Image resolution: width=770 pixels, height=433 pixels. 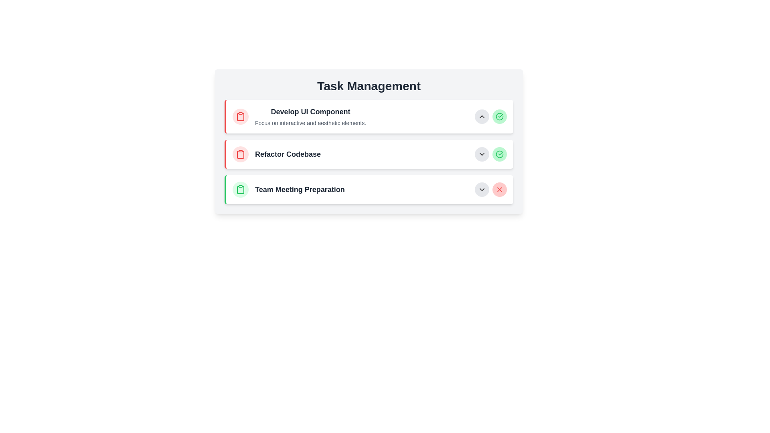 I want to click on the confirmation button located to the right of the 'Refactor Codebase' task item, so click(x=499, y=154).